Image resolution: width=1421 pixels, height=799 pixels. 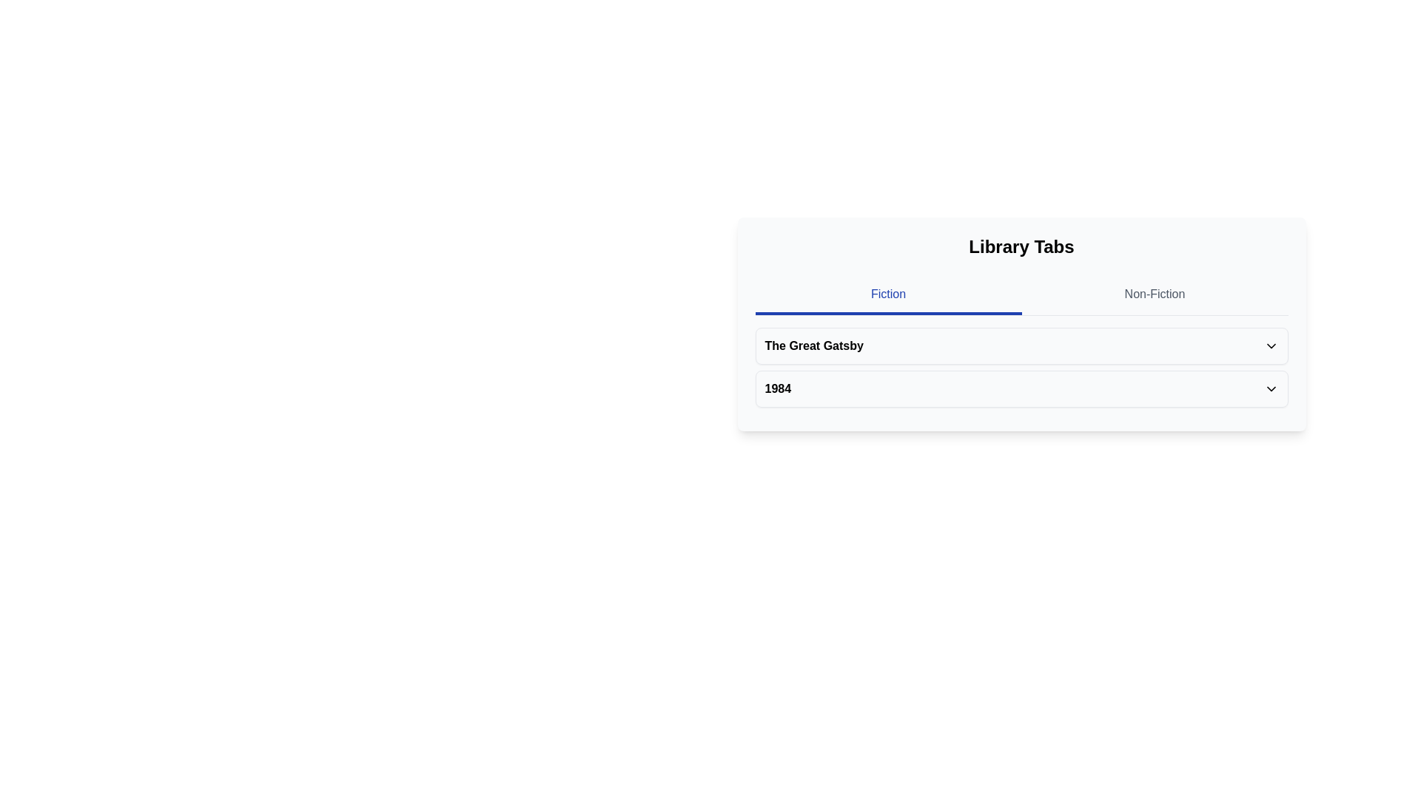 What do you see at coordinates (1021, 388) in the screenshot?
I see `the dropdown menu item for the book '1984'` at bounding box center [1021, 388].